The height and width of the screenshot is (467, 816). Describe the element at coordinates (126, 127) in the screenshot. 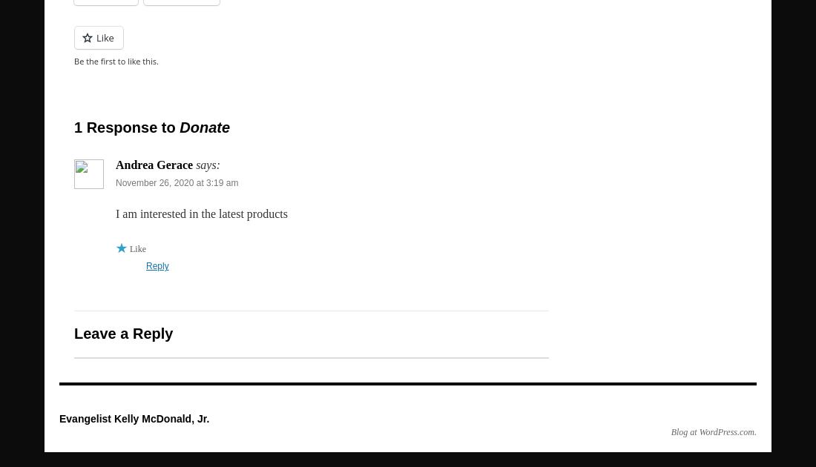

I see `'1 Response to'` at that location.